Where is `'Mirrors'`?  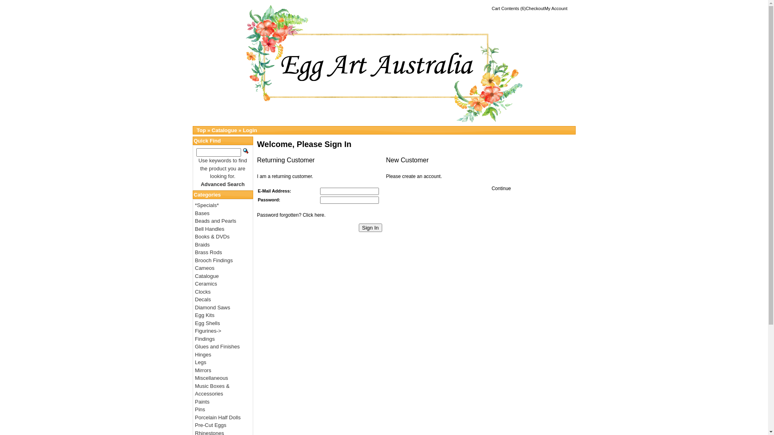
'Mirrors' is located at coordinates (203, 370).